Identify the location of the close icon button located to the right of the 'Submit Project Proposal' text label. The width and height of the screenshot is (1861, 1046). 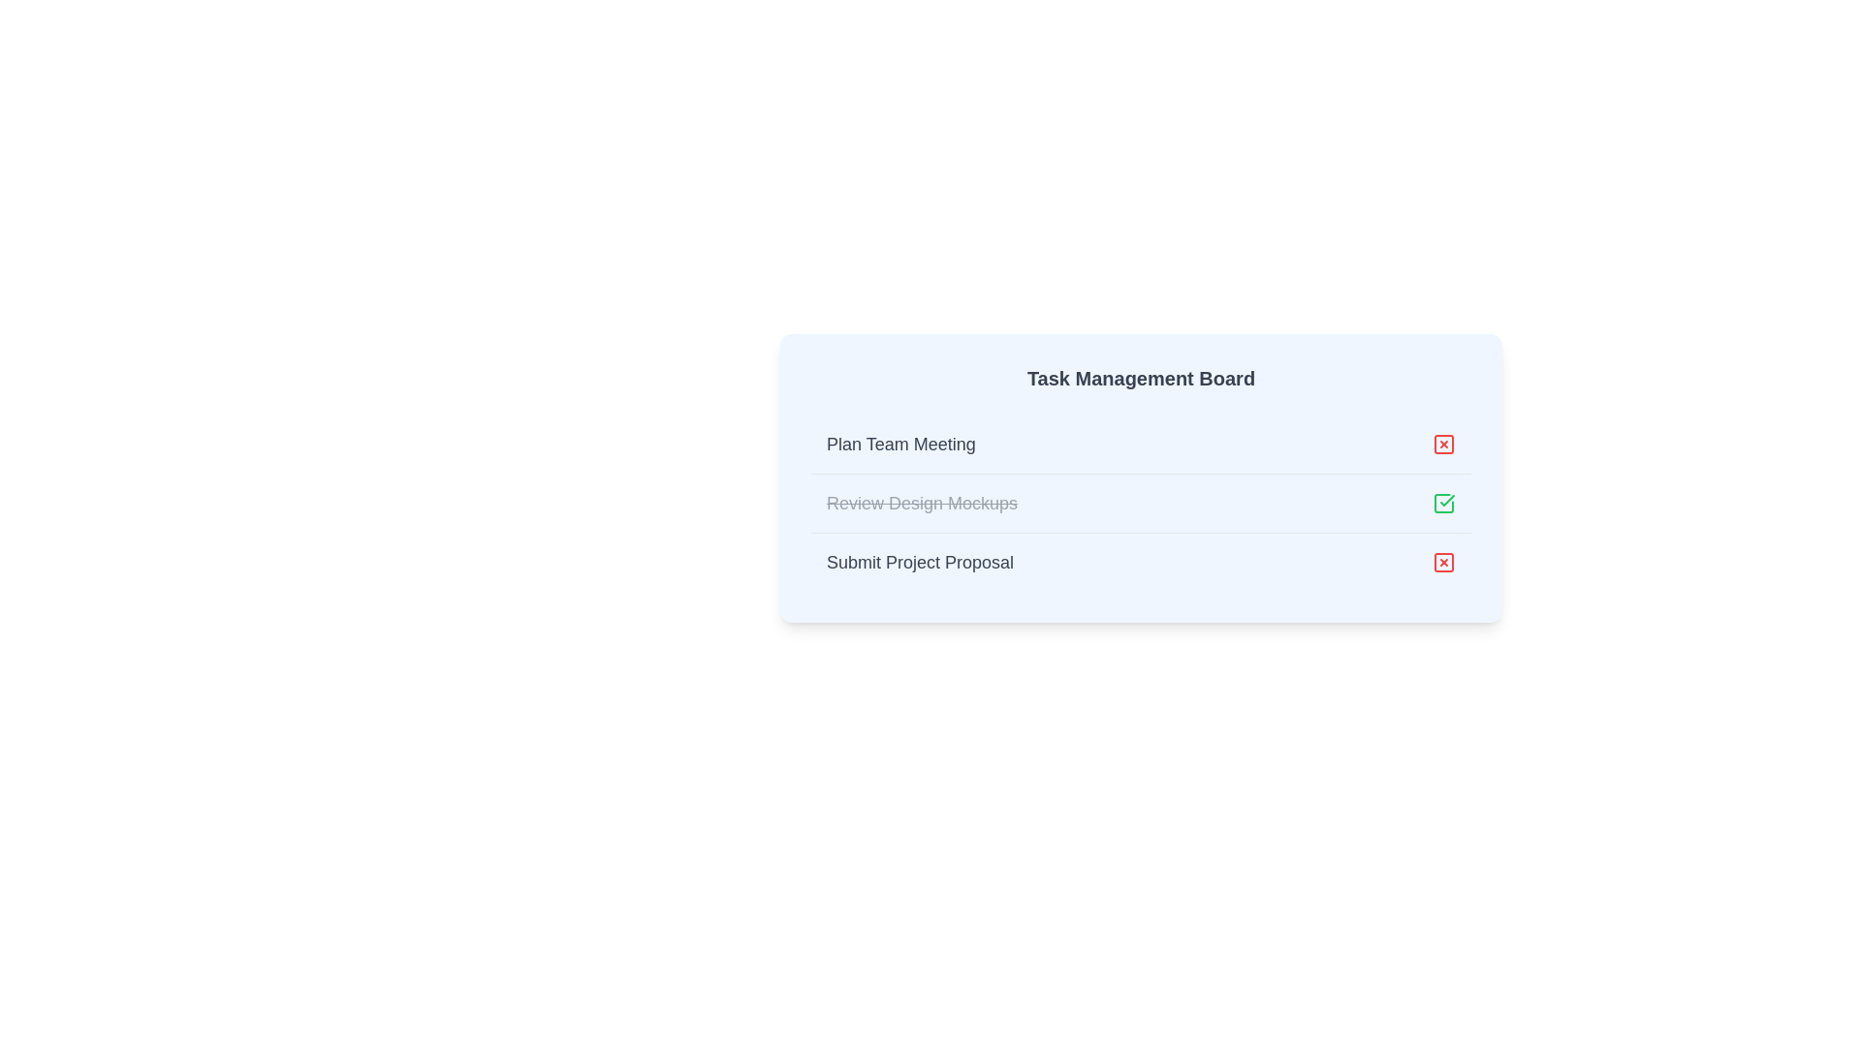
(1443, 563).